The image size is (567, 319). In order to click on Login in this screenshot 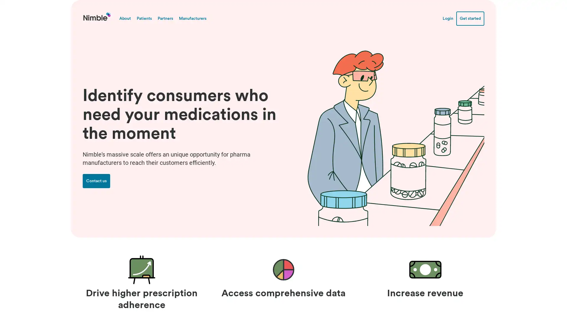, I will do `click(448, 18)`.